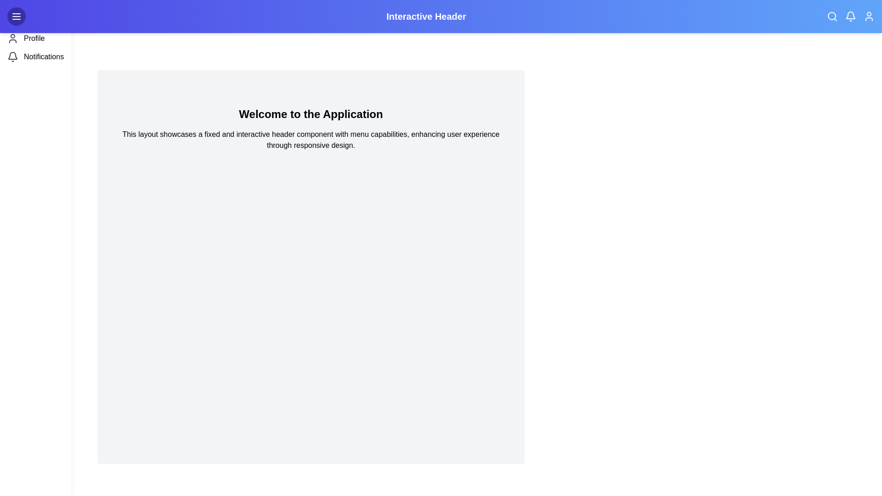 This screenshot has width=882, height=496. What do you see at coordinates (441, 16) in the screenshot?
I see `the 'Interactive Header' static text label, which is centrally positioned` at bounding box center [441, 16].